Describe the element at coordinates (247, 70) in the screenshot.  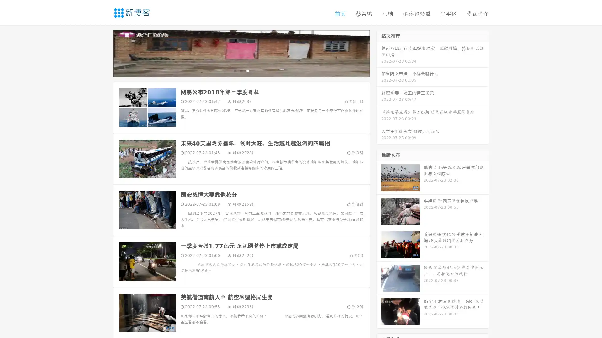
I see `Go to slide 3` at that location.